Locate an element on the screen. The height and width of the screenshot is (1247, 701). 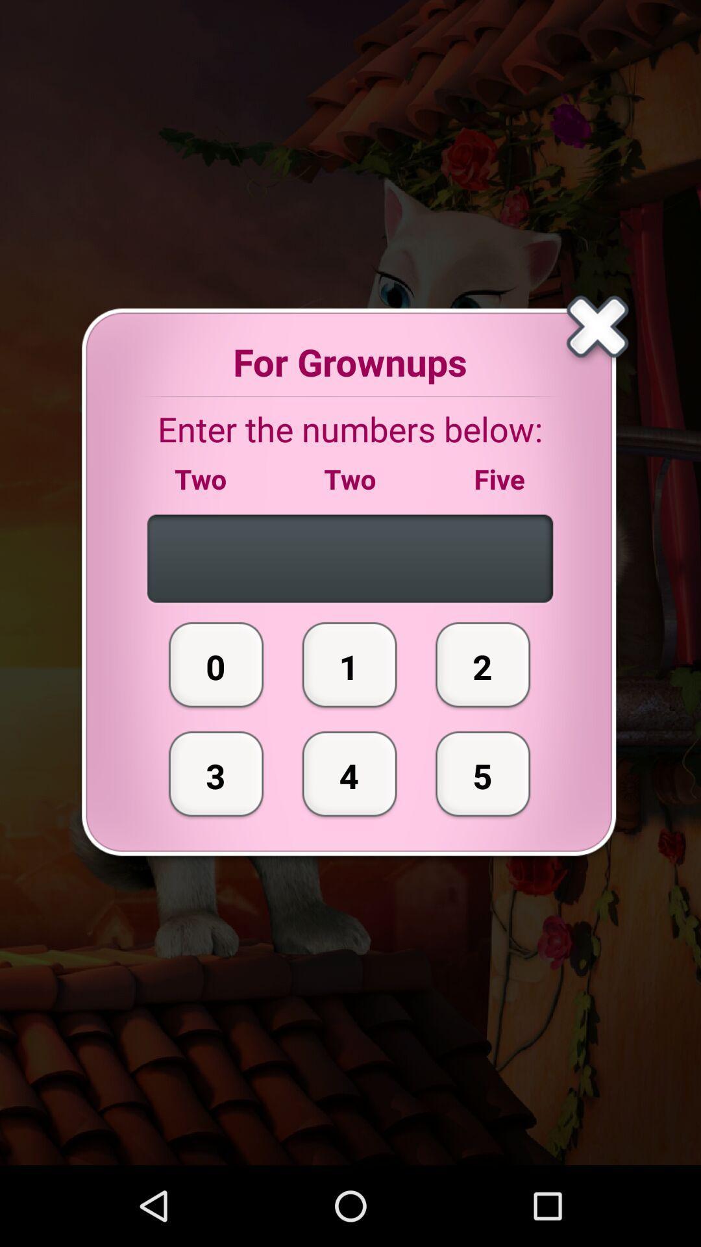
the 3 item is located at coordinates (215, 774).